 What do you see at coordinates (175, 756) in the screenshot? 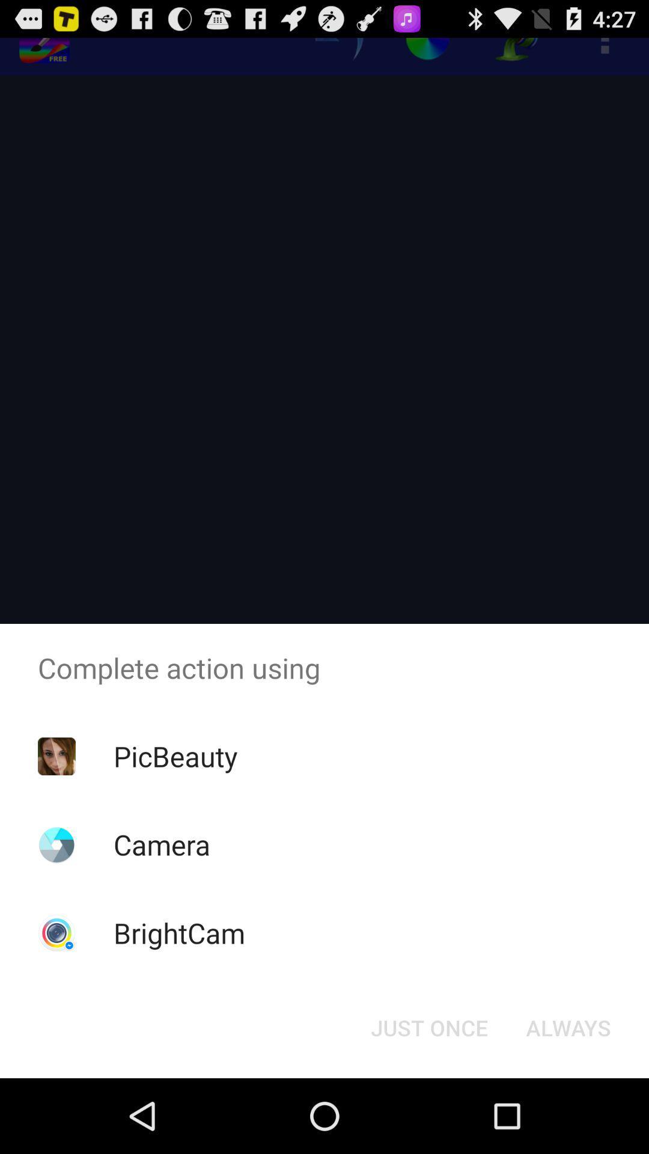
I see `the picbeauty icon` at bounding box center [175, 756].